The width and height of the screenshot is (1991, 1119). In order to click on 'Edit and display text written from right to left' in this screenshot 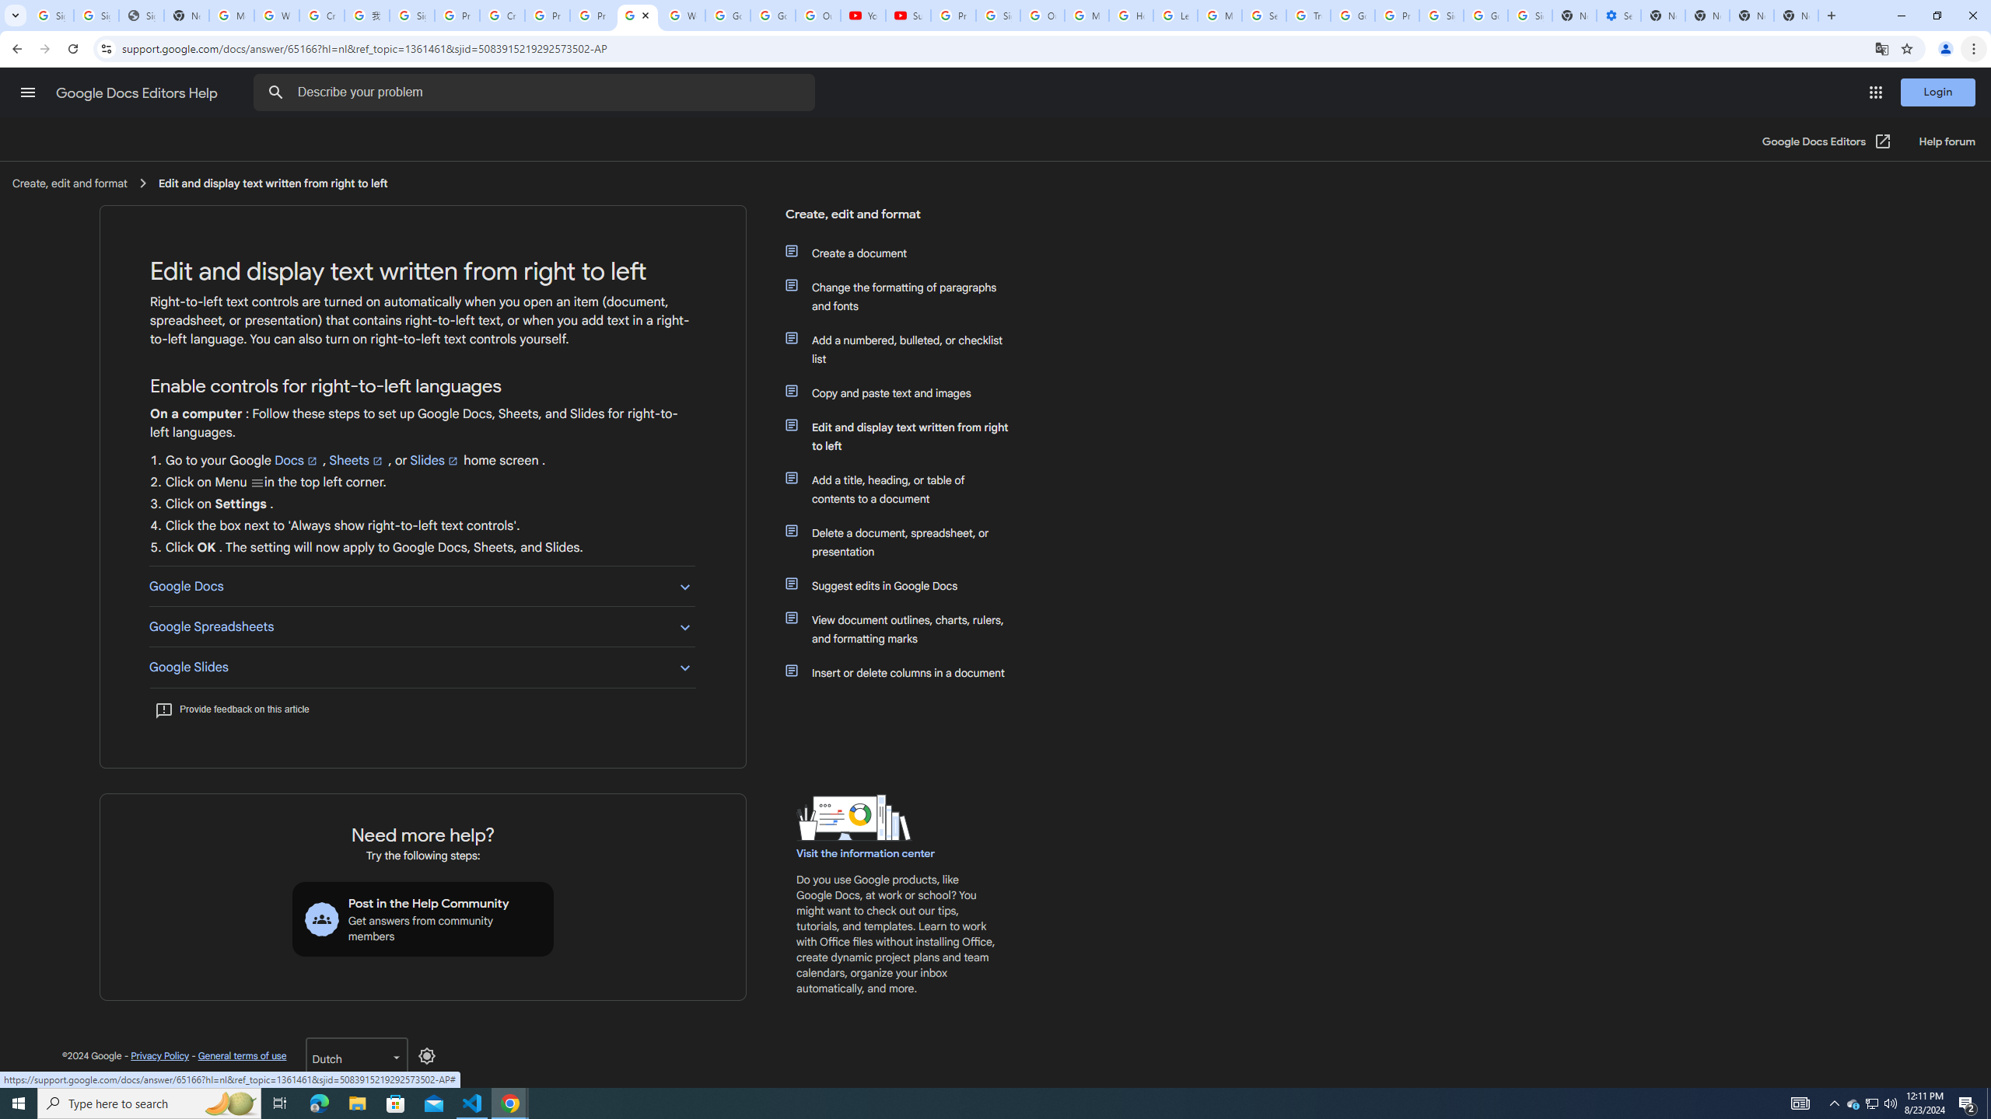, I will do `click(904, 437)`.